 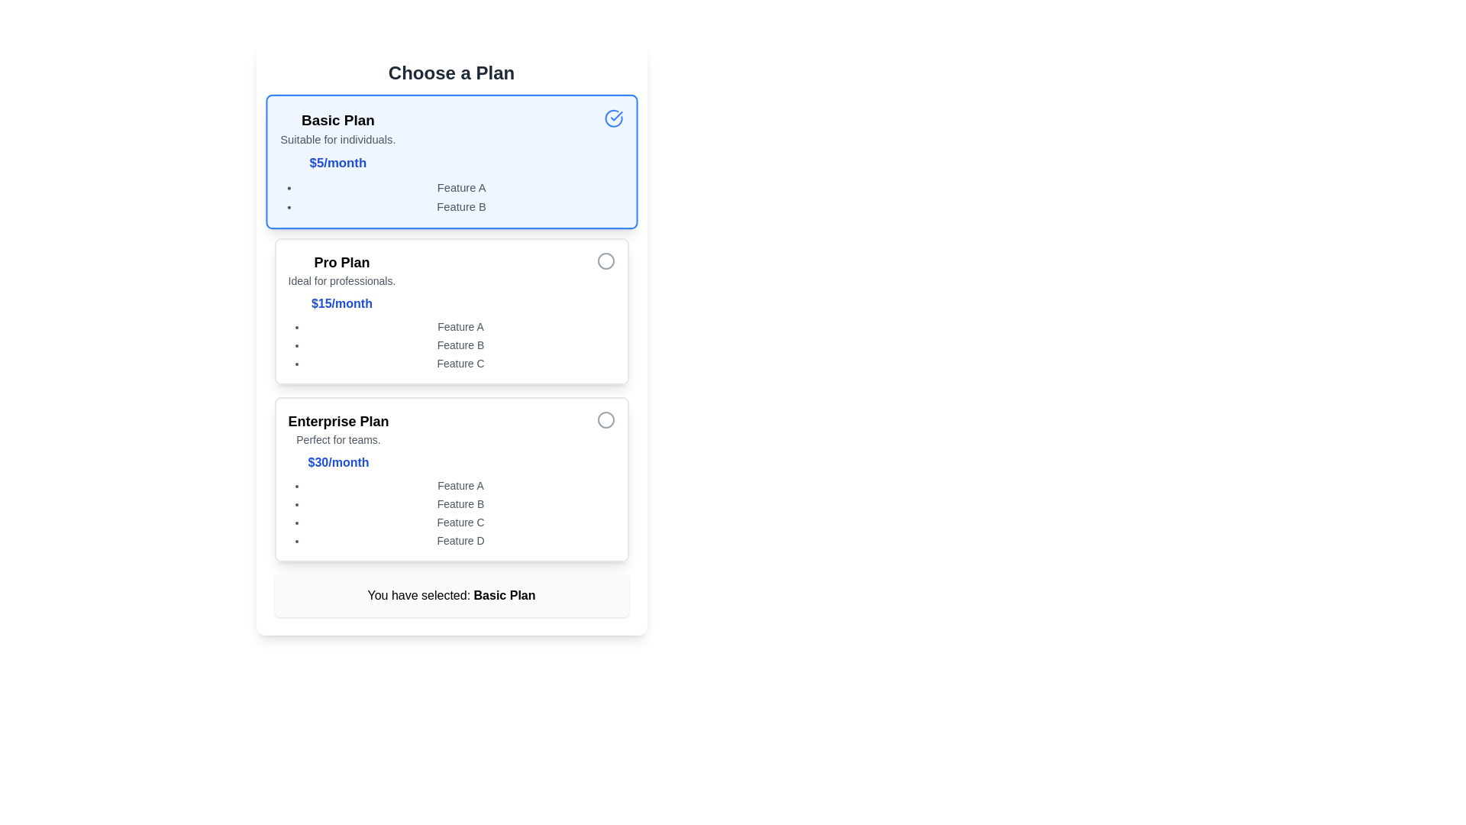 I want to click on the text label that indicates the user's current selection of the plan, which states 'You have selected: Basic Plan.', so click(x=505, y=594).